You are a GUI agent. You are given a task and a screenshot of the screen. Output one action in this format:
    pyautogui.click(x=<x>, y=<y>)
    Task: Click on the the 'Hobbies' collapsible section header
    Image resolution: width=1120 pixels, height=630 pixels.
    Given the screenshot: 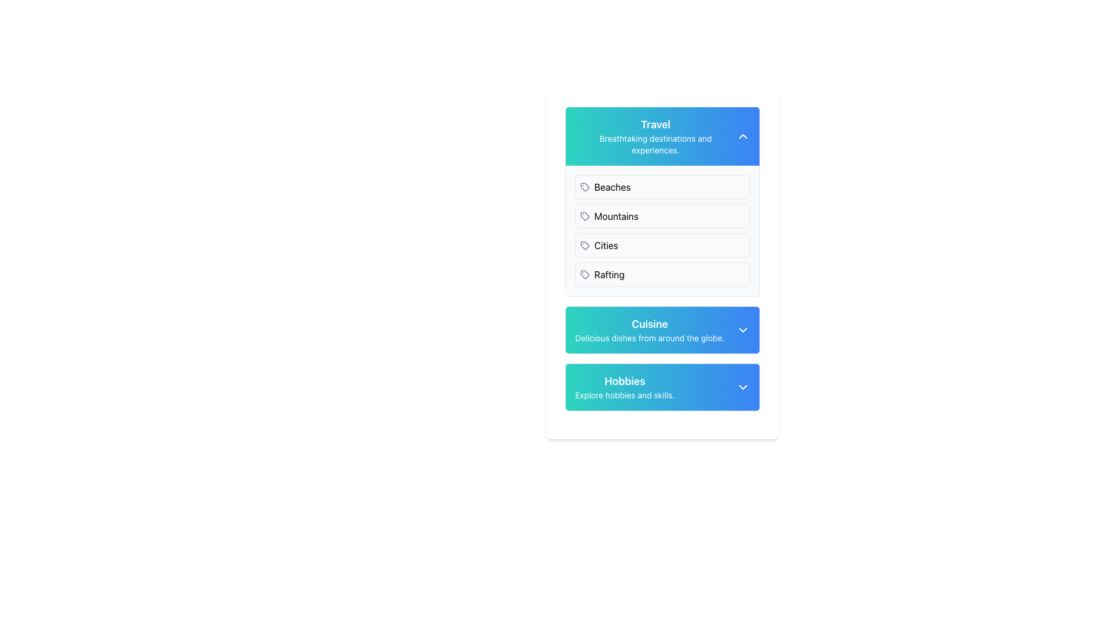 What is the action you would take?
    pyautogui.click(x=663, y=387)
    